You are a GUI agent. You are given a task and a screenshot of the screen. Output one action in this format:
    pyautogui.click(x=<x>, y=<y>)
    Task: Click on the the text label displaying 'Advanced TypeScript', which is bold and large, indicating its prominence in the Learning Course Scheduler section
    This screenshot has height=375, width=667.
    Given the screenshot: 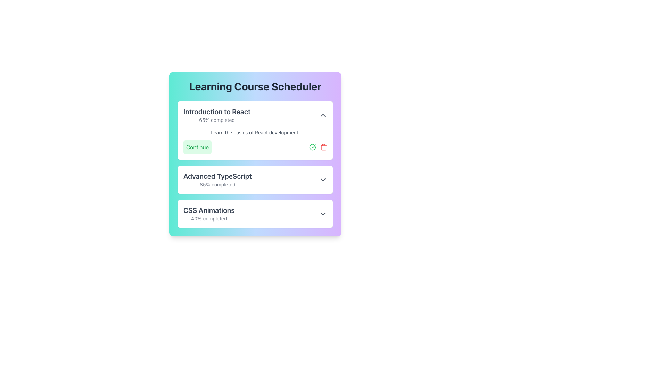 What is the action you would take?
    pyautogui.click(x=217, y=176)
    